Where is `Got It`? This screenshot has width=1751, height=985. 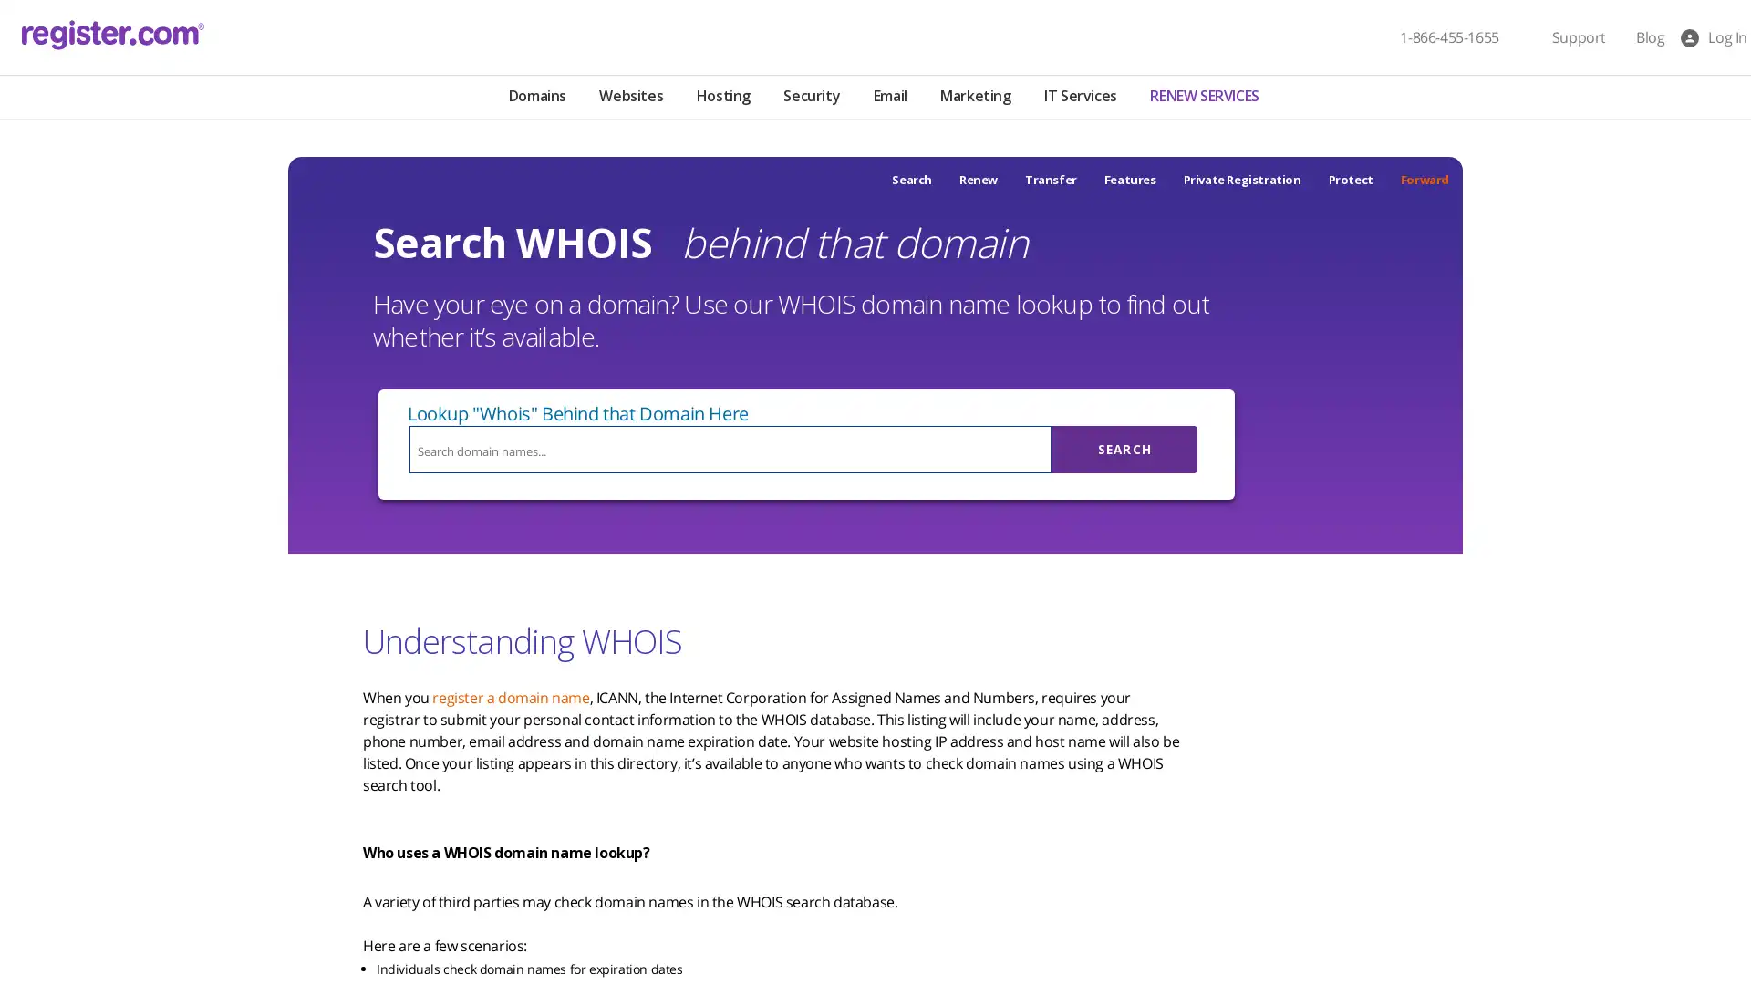 Got It is located at coordinates (185, 879).